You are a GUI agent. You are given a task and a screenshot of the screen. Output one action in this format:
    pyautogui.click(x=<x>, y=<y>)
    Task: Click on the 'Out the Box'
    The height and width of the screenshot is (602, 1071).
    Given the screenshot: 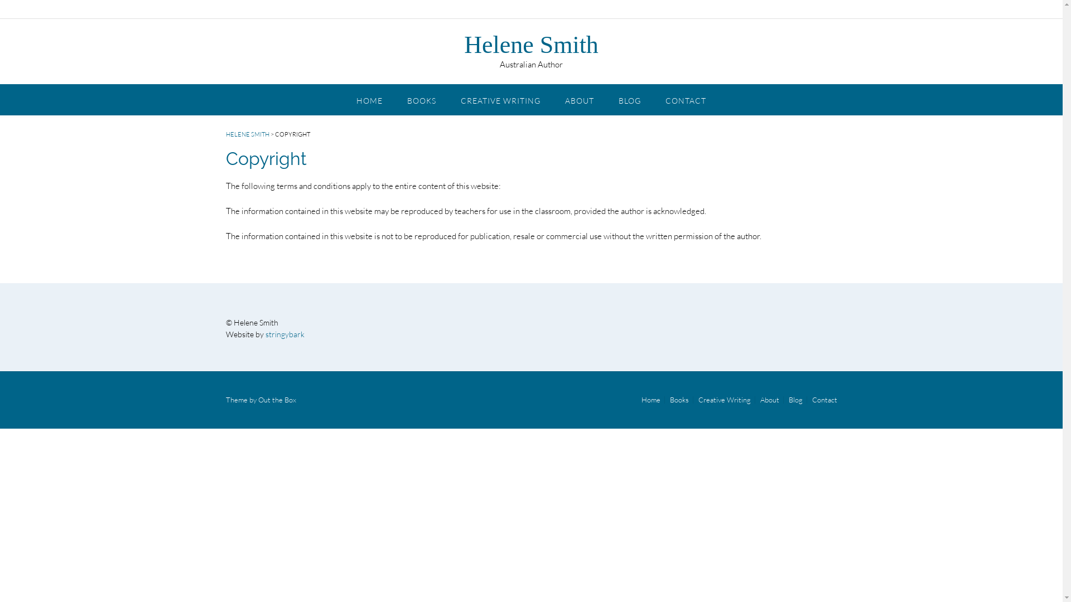 What is the action you would take?
    pyautogui.click(x=276, y=399)
    